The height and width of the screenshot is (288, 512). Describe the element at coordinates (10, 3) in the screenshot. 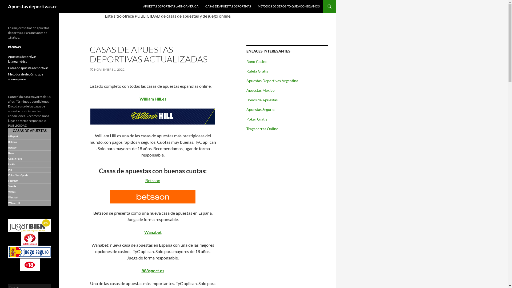

I see `'Buscar'` at that location.